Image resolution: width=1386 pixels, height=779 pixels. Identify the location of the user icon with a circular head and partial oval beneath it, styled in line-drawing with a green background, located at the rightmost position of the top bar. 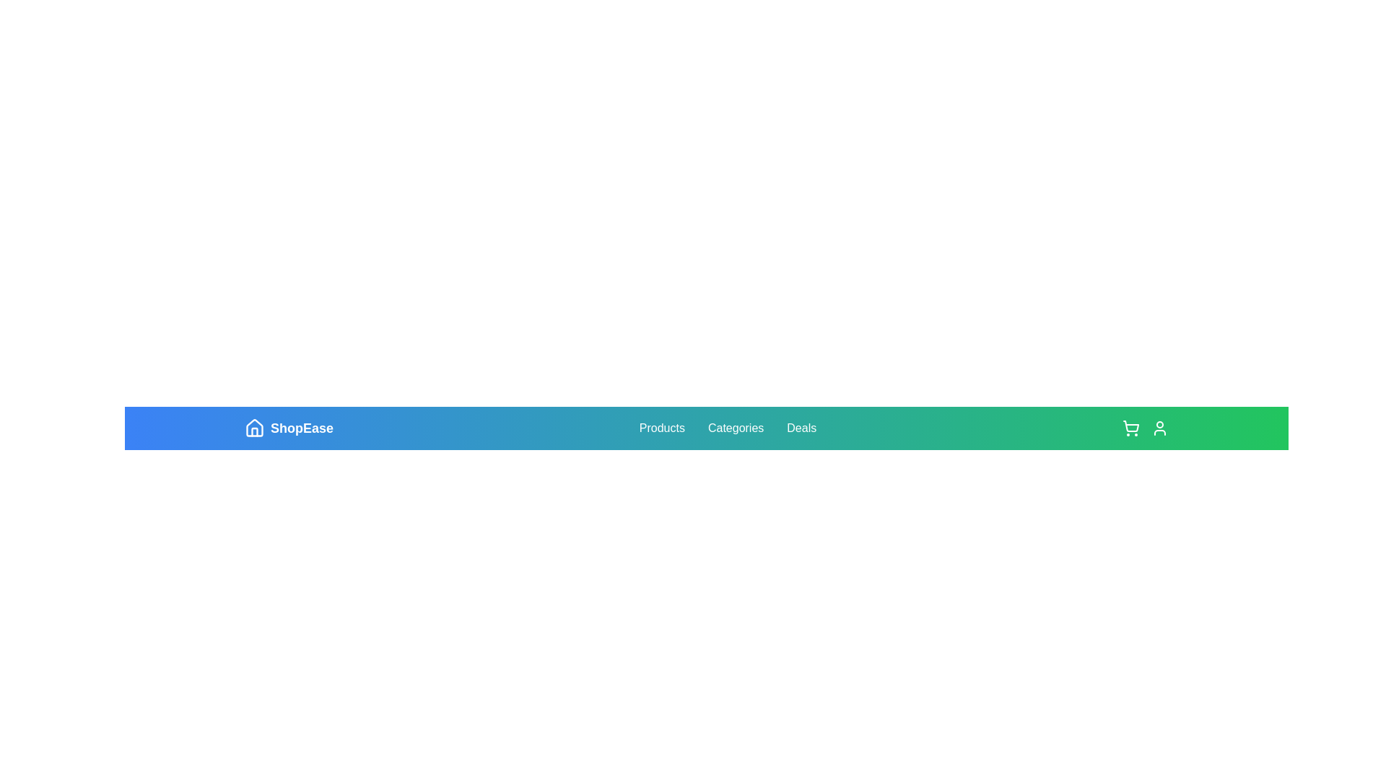
(1160, 428).